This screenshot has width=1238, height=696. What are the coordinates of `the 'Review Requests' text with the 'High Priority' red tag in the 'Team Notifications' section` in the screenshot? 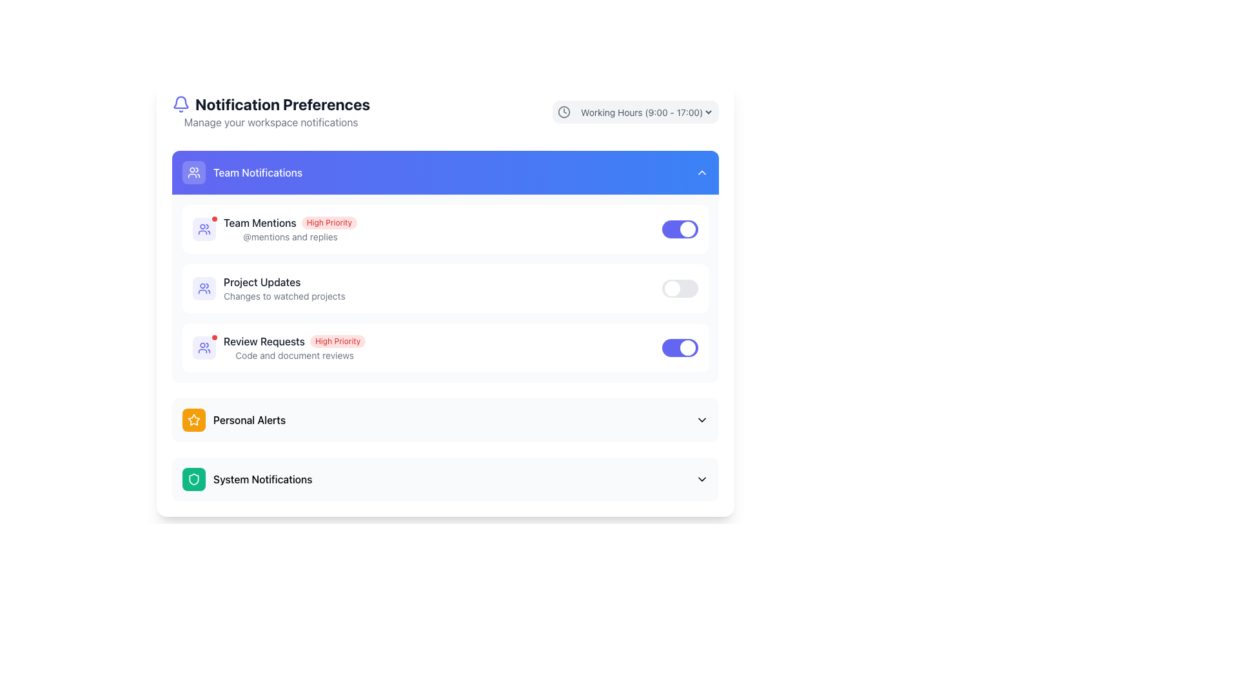 It's located at (294, 340).